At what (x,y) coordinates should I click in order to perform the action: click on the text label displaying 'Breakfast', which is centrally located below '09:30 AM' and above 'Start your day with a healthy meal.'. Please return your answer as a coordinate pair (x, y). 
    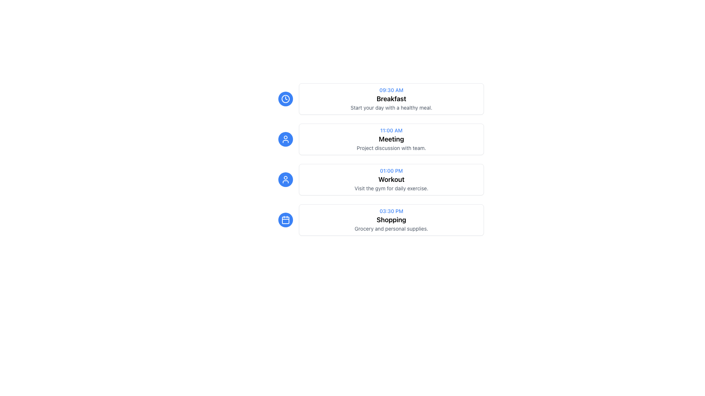
    Looking at the image, I should click on (391, 99).